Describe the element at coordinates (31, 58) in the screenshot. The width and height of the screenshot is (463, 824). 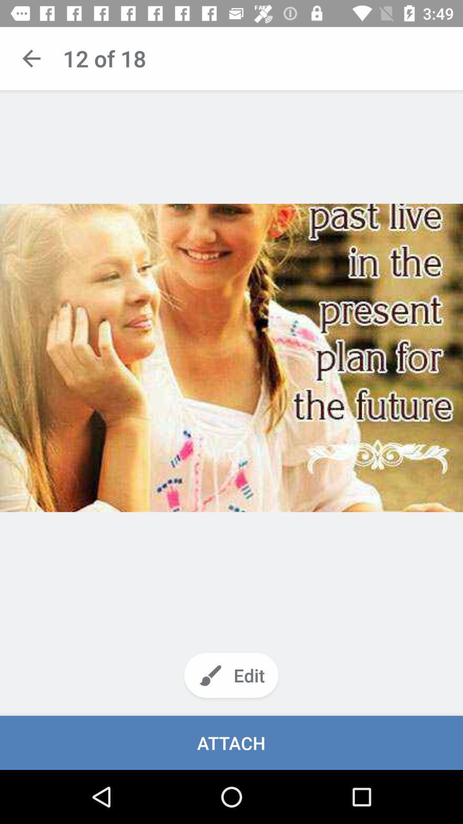
I see `back to previous content` at that location.